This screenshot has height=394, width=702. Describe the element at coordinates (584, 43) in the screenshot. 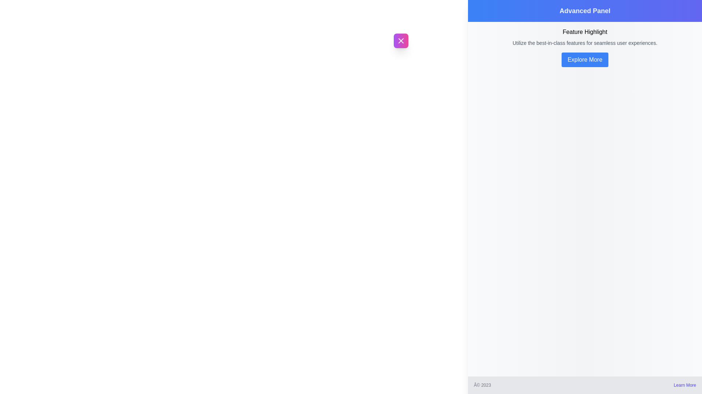

I see `the supplementary description text located directly below the 'Feature Highlight' heading in the boxed section of the interface` at that location.